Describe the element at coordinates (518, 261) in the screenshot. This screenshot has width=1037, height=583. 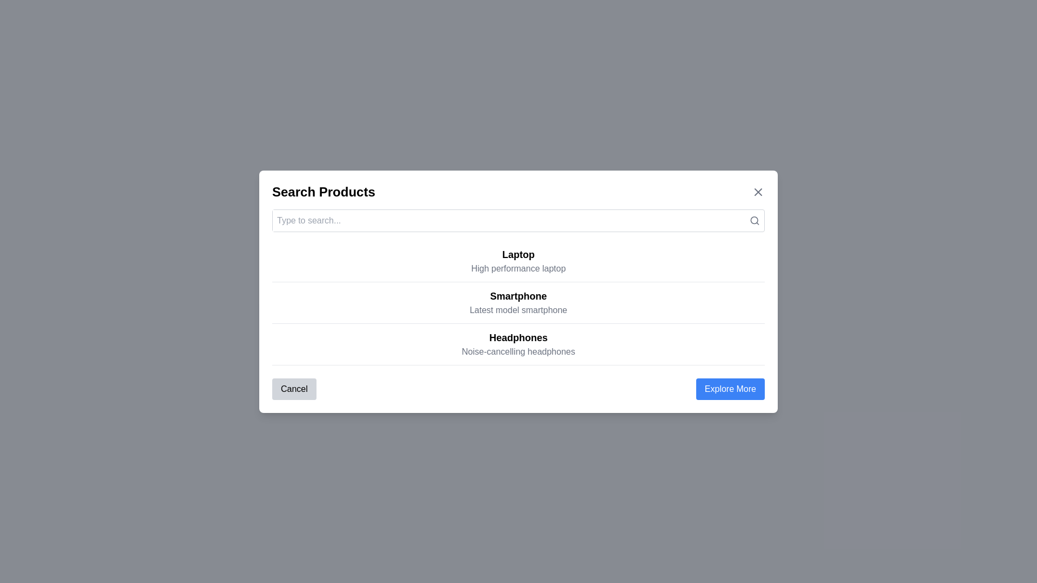
I see `the Text element displaying the name and brief description of the laptop, as it is the first entry above the 'Smartphone' and 'Headphones' entries, if interactive options are available` at that location.